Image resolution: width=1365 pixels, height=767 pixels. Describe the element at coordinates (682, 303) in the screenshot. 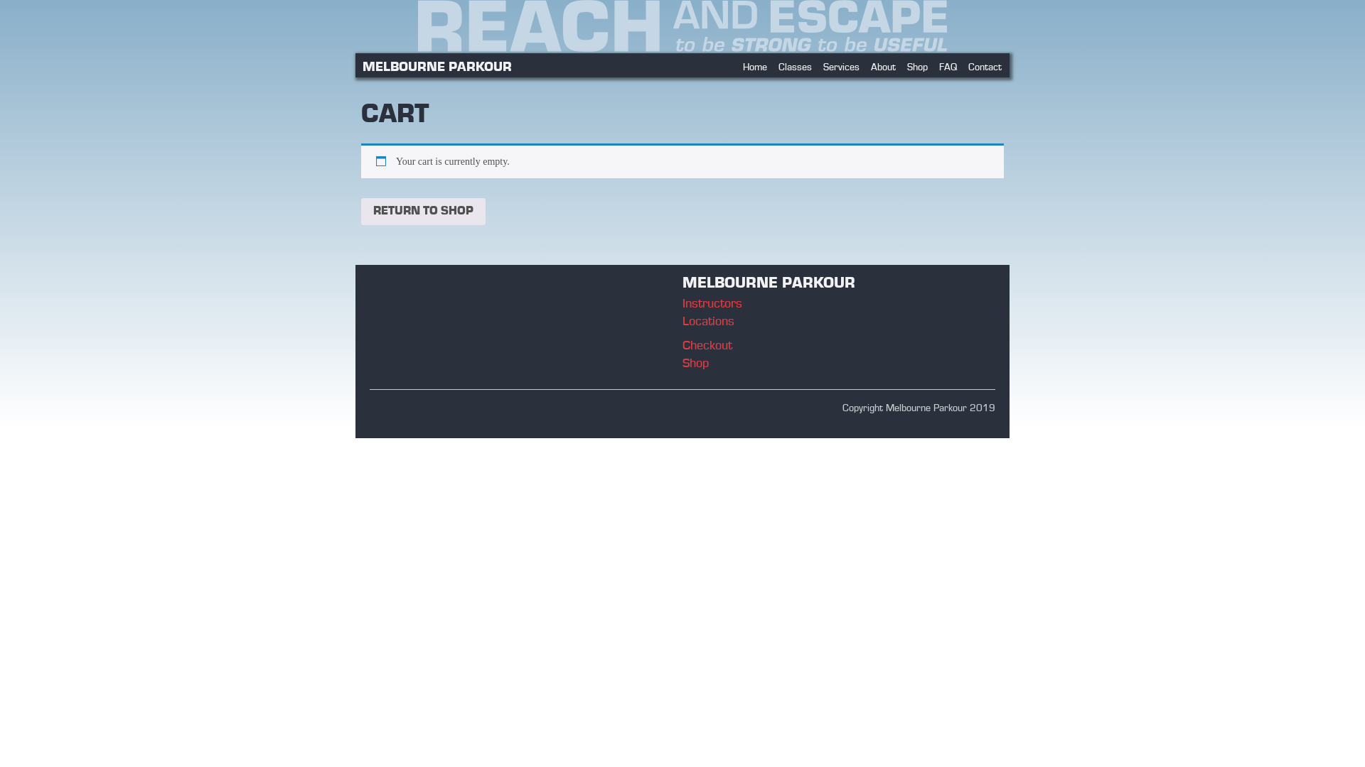

I see `'Instructors'` at that location.